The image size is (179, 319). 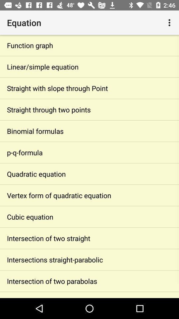 I want to click on the icon above straight with slope app, so click(x=89, y=67).